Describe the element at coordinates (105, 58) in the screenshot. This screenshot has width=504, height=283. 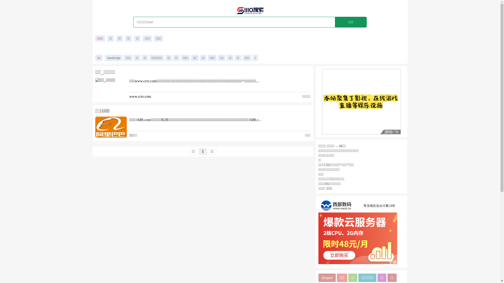
I see `'JavaScript'` at that location.